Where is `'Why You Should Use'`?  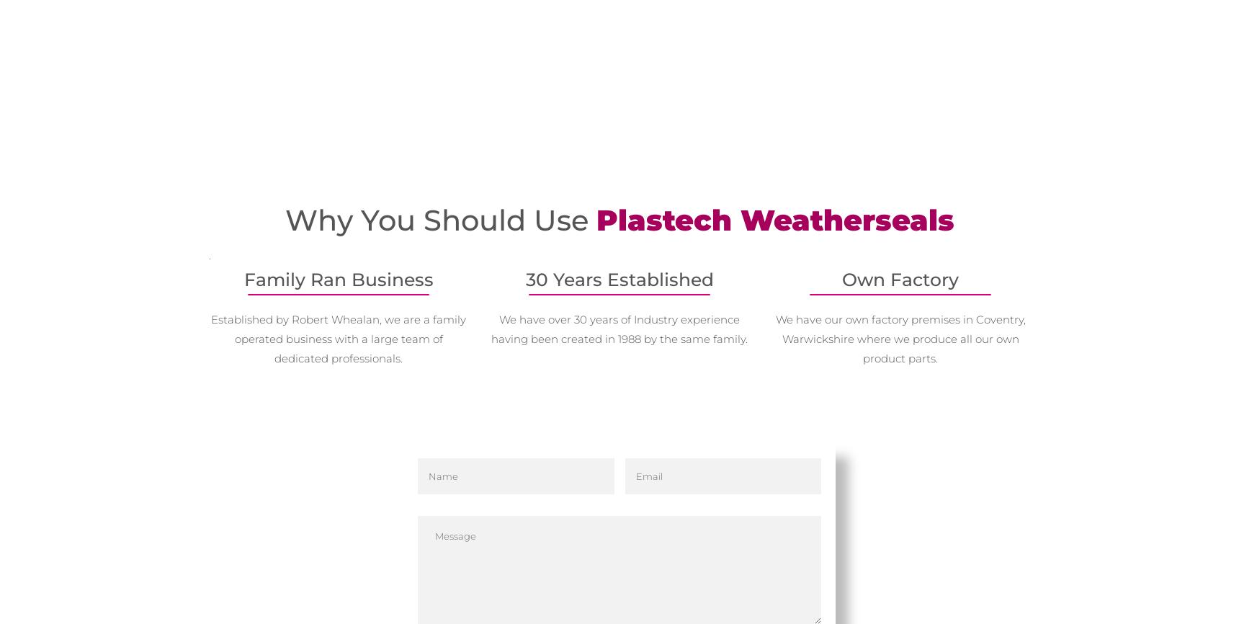 'Why You Should Use' is located at coordinates (285, 219).